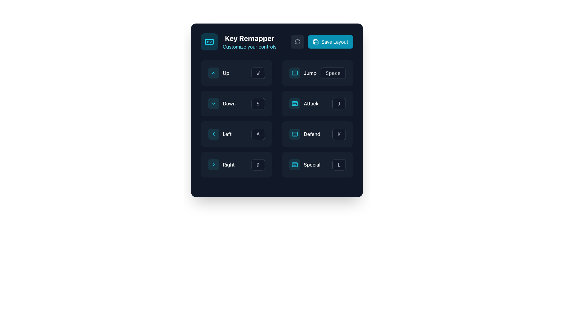 The height and width of the screenshot is (330, 586). What do you see at coordinates (214, 164) in the screenshot?
I see `the minimal rightward-pointing chevron icon with a thin outline in the 'Right' key configuration section located in the bottom-left quadrant` at bounding box center [214, 164].